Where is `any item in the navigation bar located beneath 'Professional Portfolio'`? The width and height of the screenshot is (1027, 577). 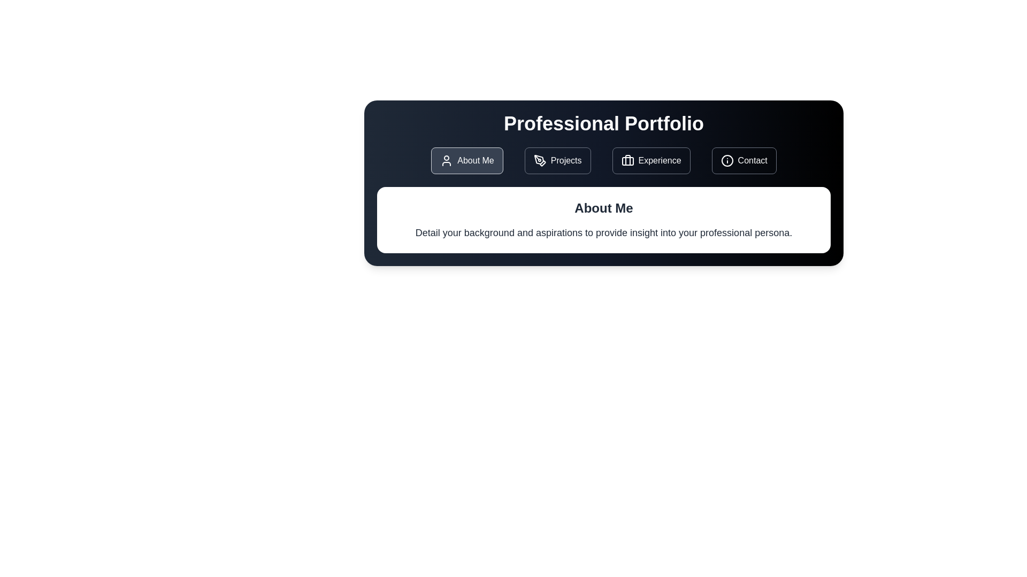 any item in the navigation bar located beneath 'Professional Portfolio' is located at coordinates (603, 160).